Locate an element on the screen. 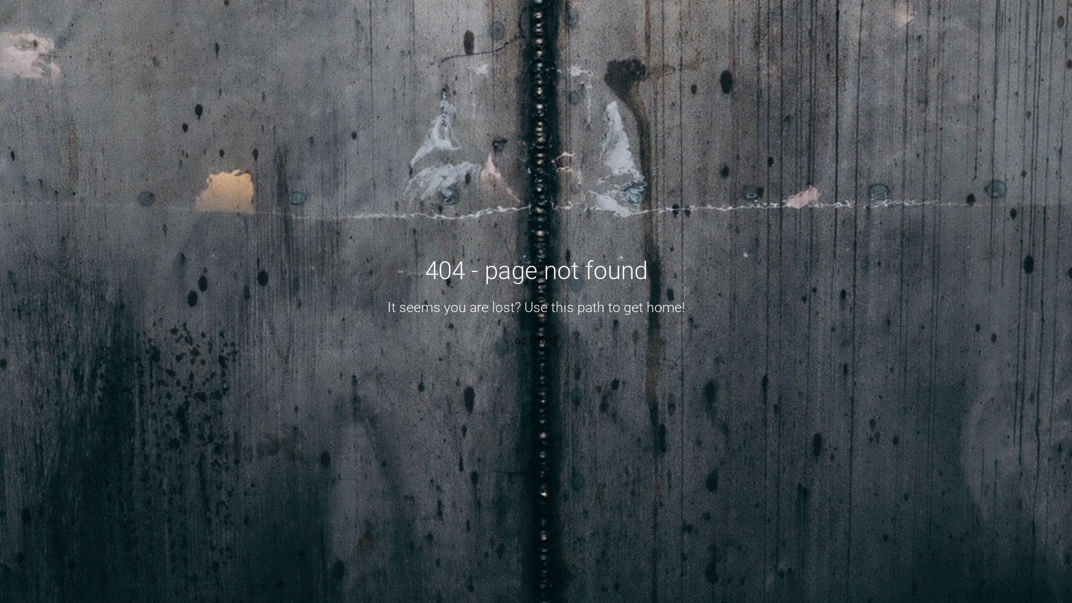  'GO HOME' is located at coordinates (535, 340).